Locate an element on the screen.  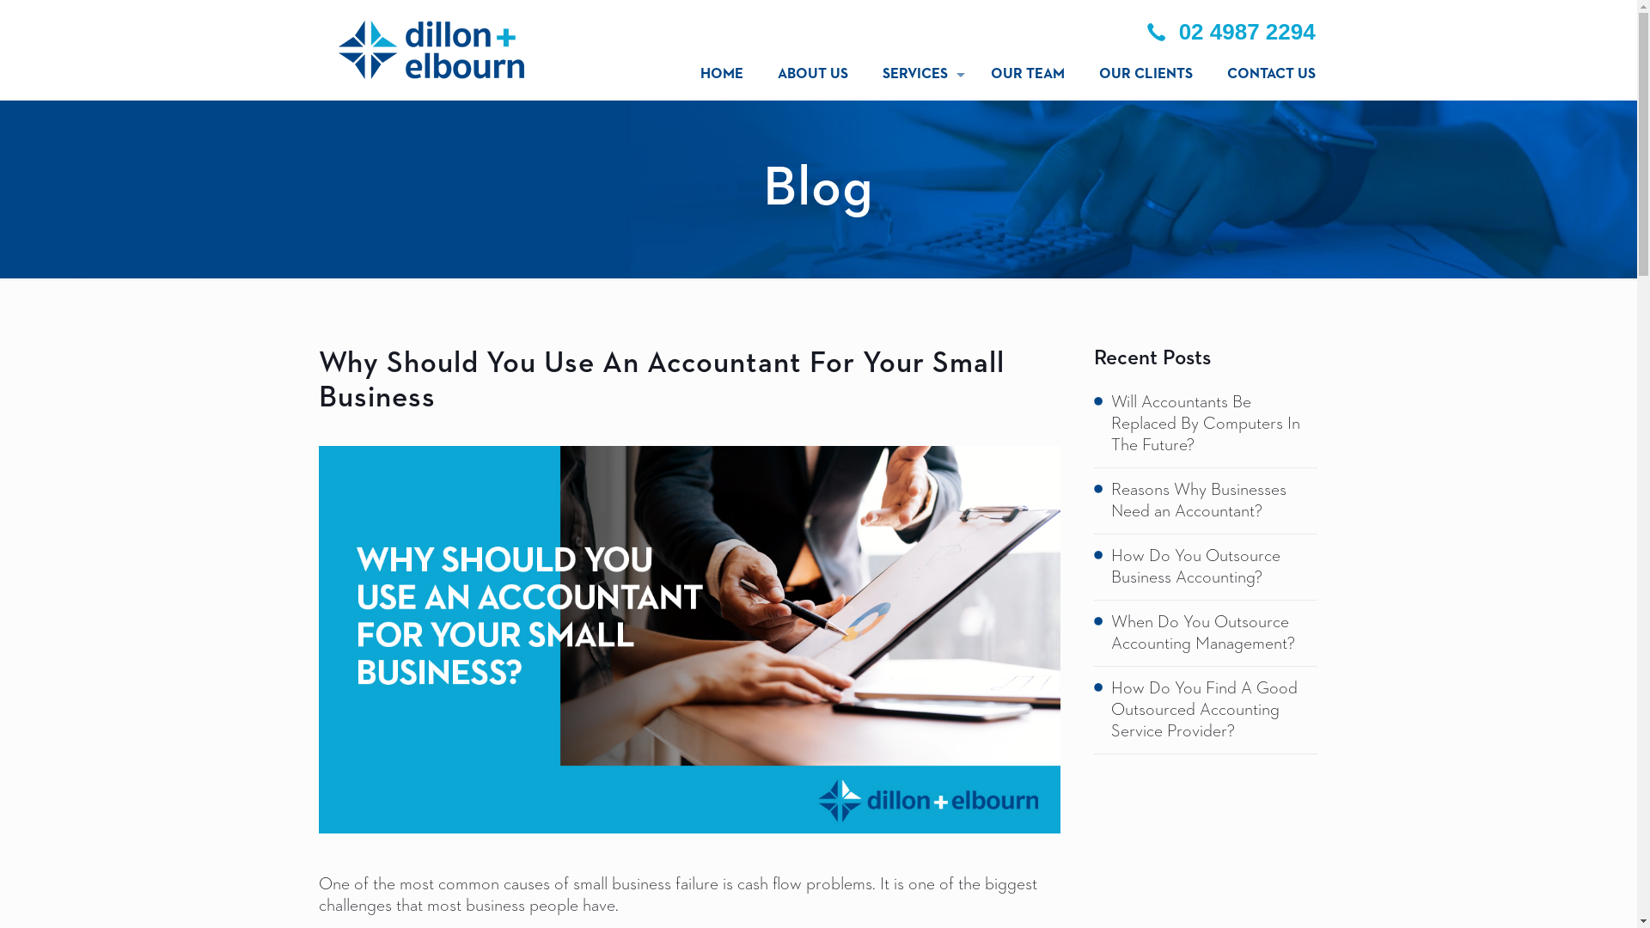
'HOME' is located at coordinates (722, 74).